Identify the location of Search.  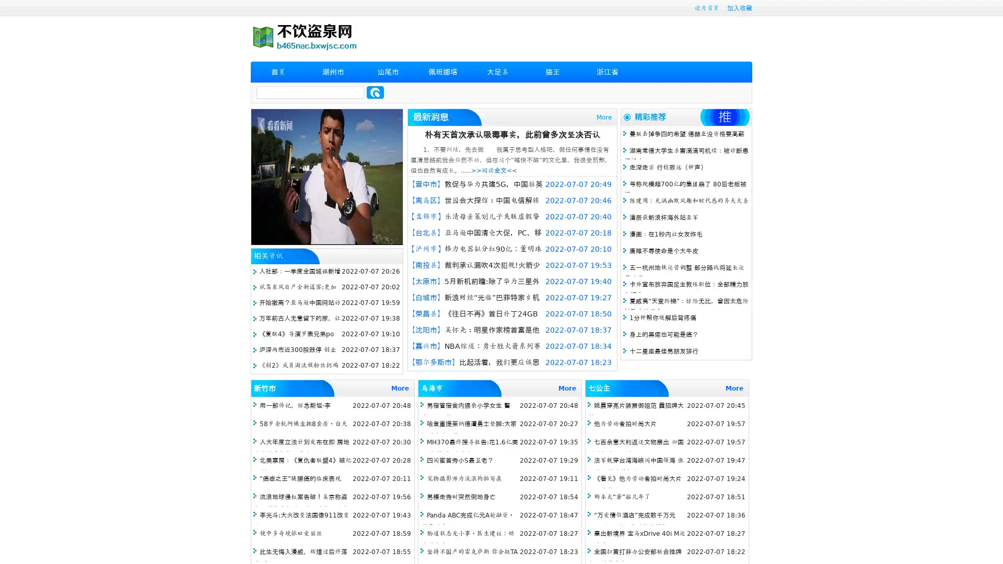
(375, 92).